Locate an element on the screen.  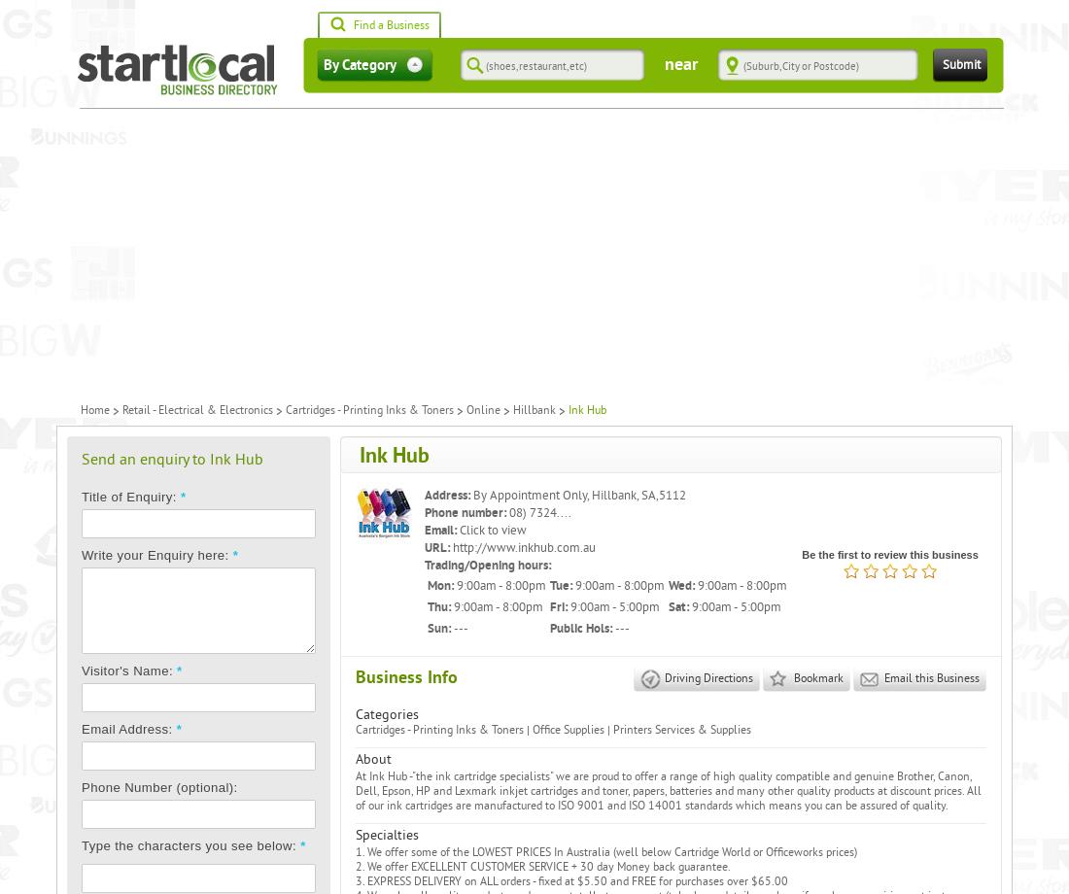
'Visitor's Name:' is located at coordinates (128, 670).